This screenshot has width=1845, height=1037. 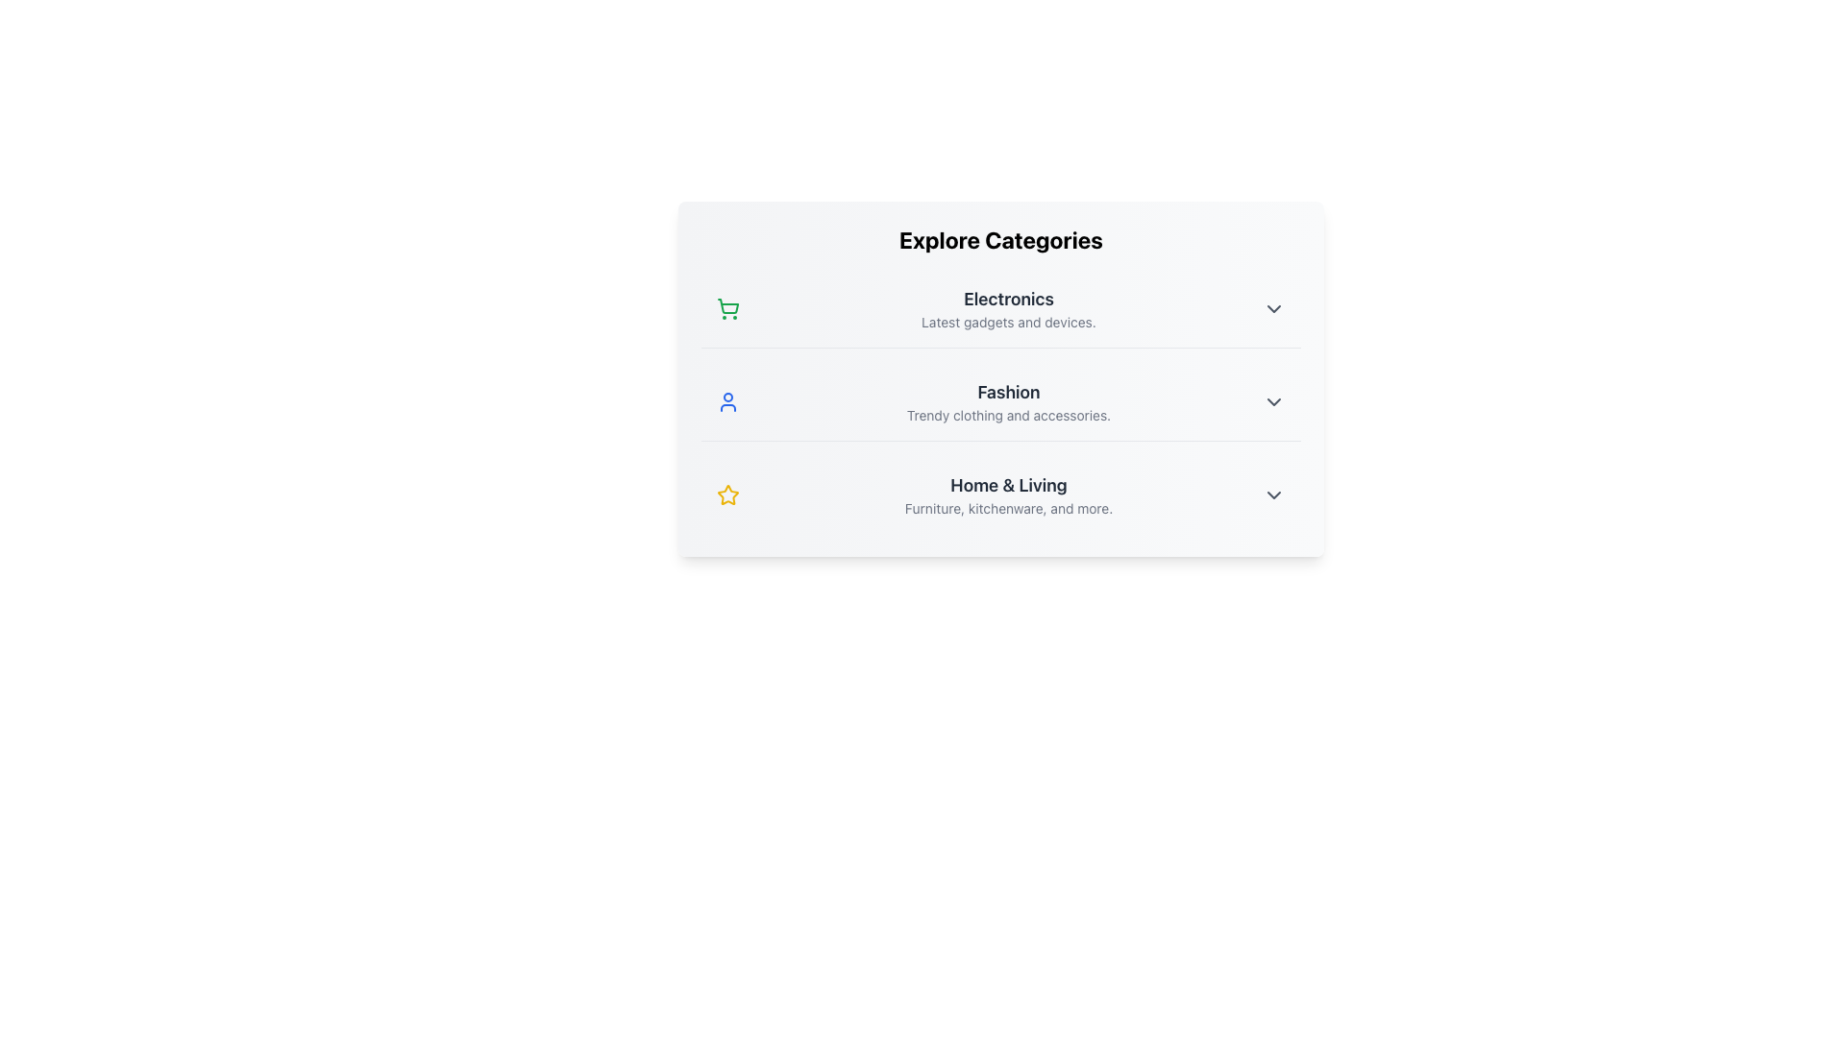 I want to click on the 'Fashion' category icon located to the left of the 'Fashion' text in the second row of the 'Explore Categories' card, so click(x=727, y=401).